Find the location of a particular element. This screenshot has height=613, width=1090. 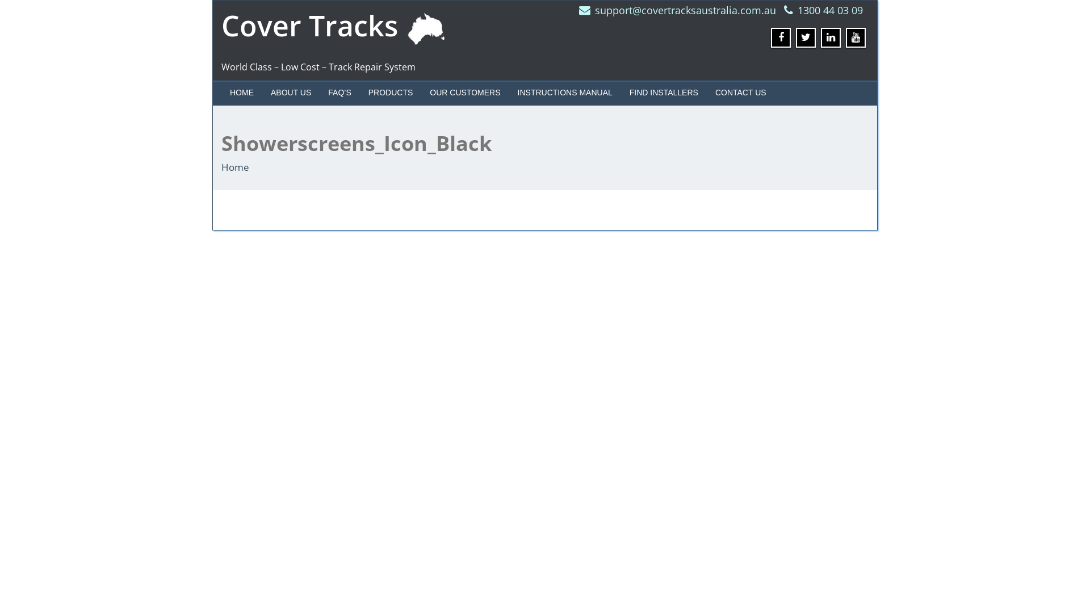

'FIND INSTALLERS' is located at coordinates (621, 91).